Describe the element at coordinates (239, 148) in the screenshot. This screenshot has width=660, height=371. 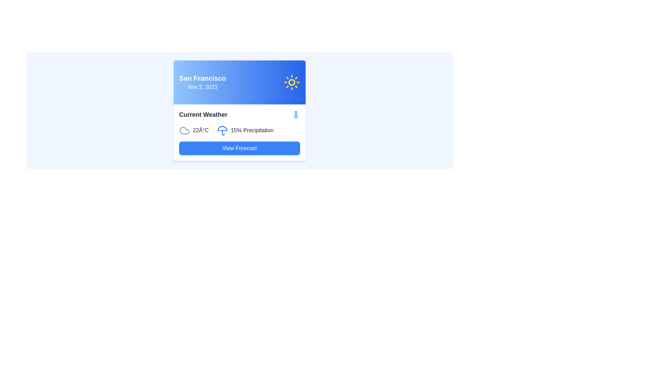
I see `the 'View Forecast' button, which is a blue button with white text located at the bottom of the 'Current Weather' card` at that location.